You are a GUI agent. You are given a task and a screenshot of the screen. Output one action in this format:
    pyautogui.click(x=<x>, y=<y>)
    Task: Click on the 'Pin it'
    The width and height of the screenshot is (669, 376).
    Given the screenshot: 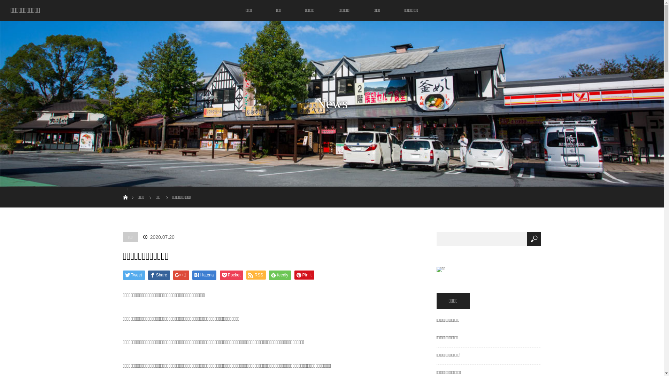 What is the action you would take?
    pyautogui.click(x=304, y=275)
    